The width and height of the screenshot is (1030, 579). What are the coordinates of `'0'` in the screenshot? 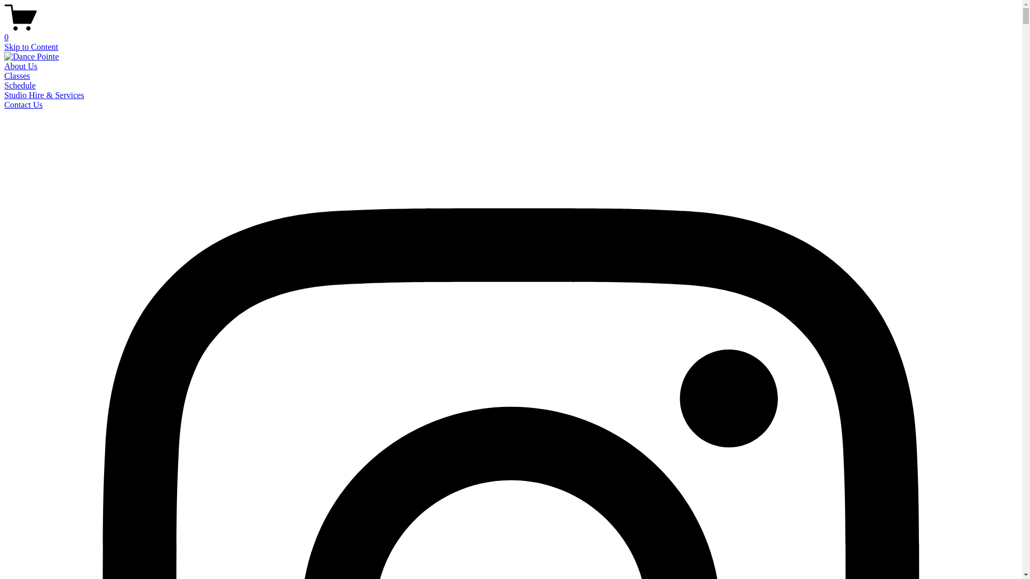 It's located at (510, 32).